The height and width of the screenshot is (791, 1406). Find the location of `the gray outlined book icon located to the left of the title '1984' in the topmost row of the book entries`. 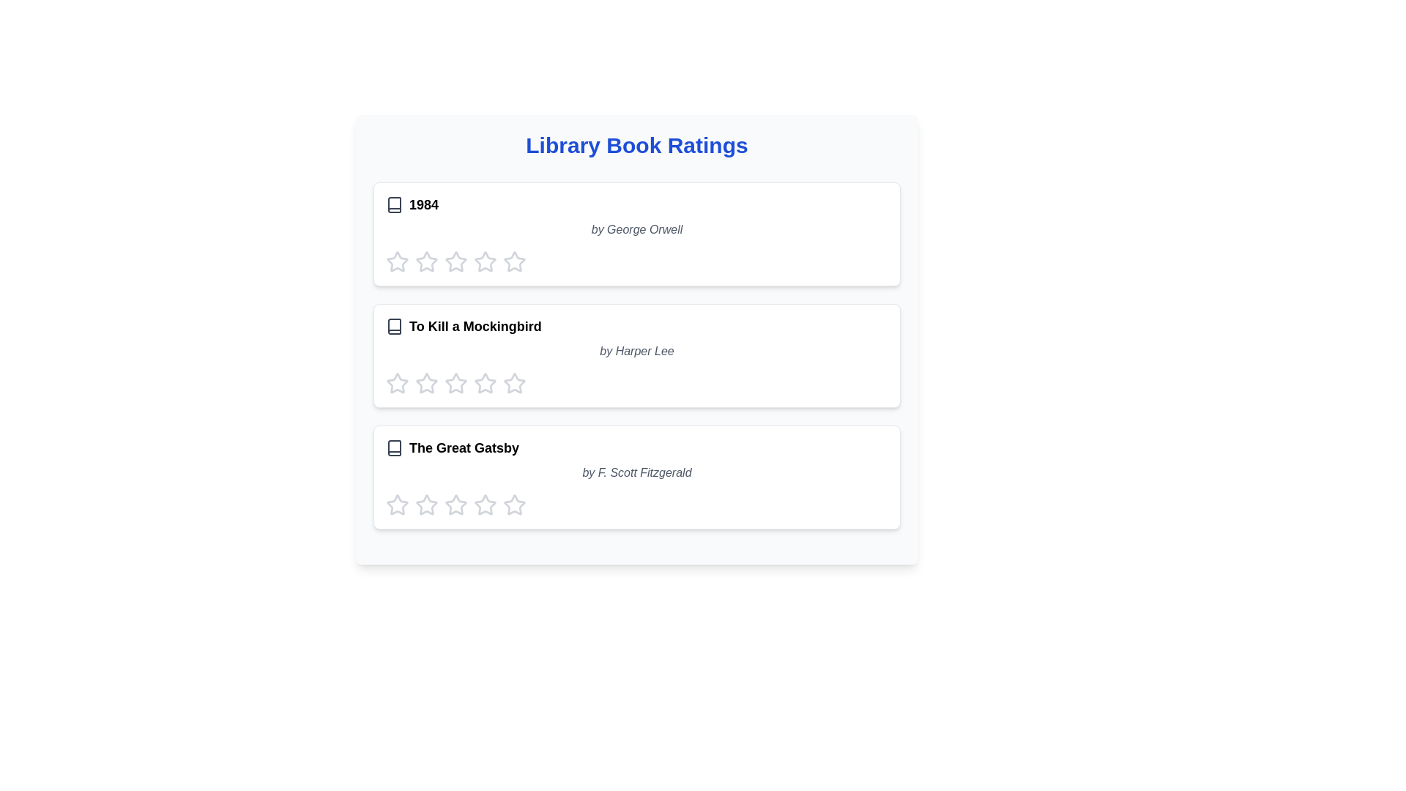

the gray outlined book icon located to the left of the title '1984' in the topmost row of the book entries is located at coordinates (394, 205).